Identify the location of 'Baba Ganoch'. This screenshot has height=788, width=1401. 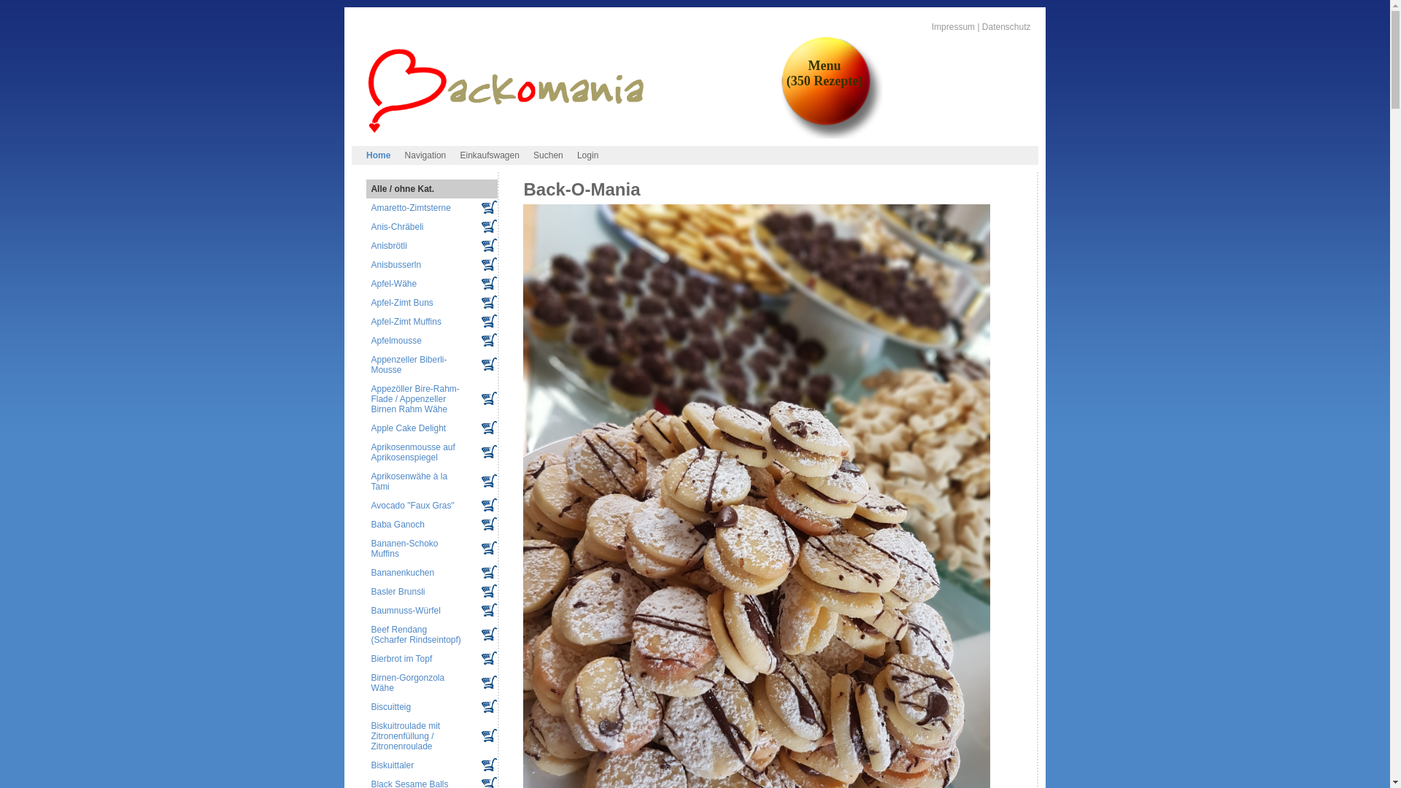
(397, 523).